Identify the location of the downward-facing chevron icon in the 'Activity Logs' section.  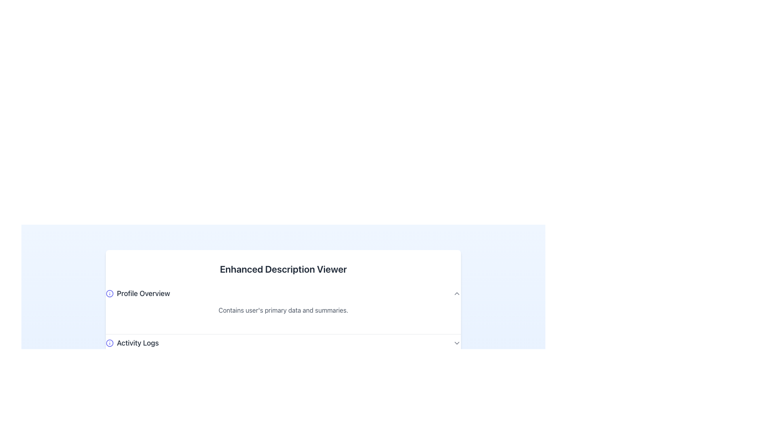
(457, 343).